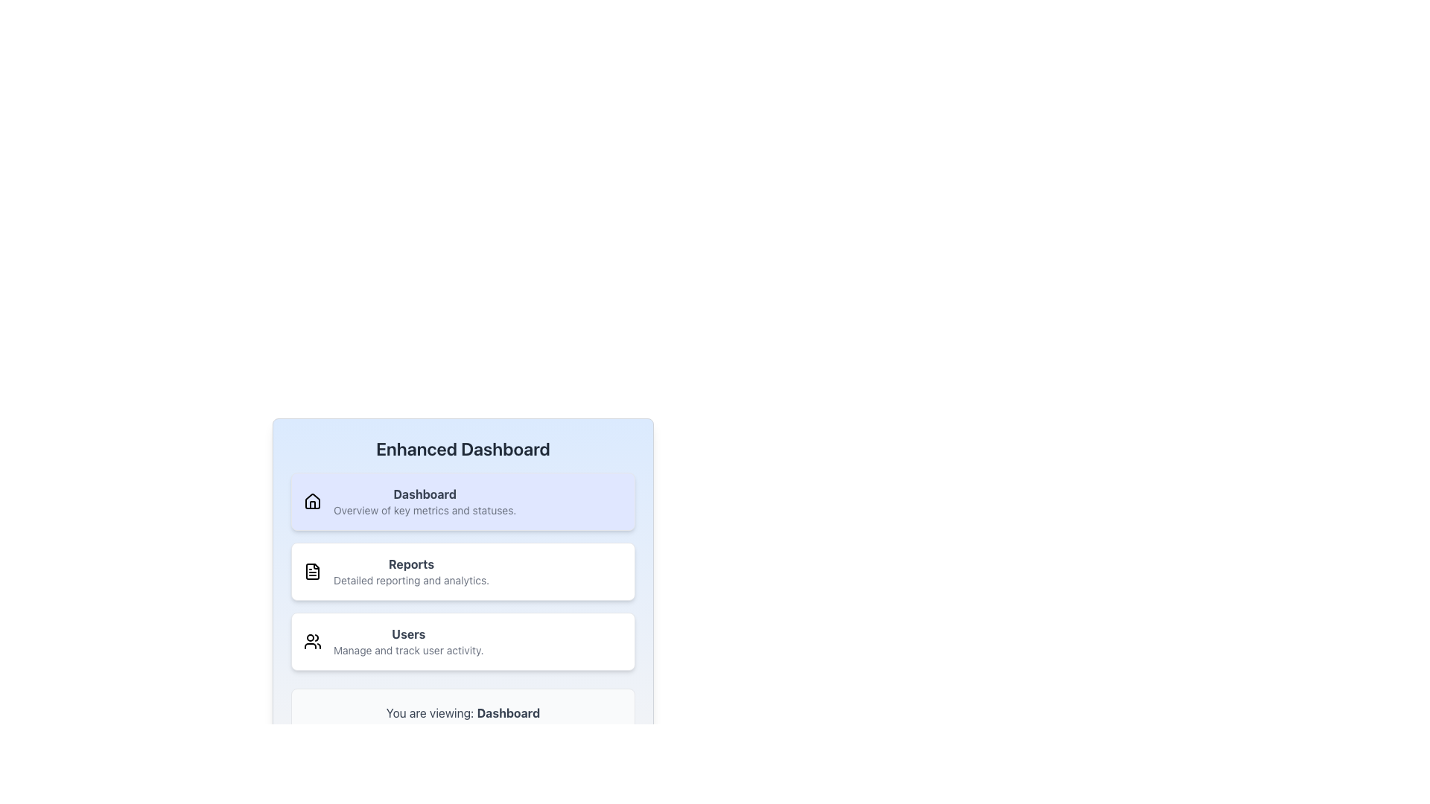 This screenshot has height=804, width=1430. Describe the element at coordinates (463, 712) in the screenshot. I see `text label that displays 'You are viewing: Dashboard' at the bottom of the main content panel, emphasizing the word 'Dashboard'` at that location.